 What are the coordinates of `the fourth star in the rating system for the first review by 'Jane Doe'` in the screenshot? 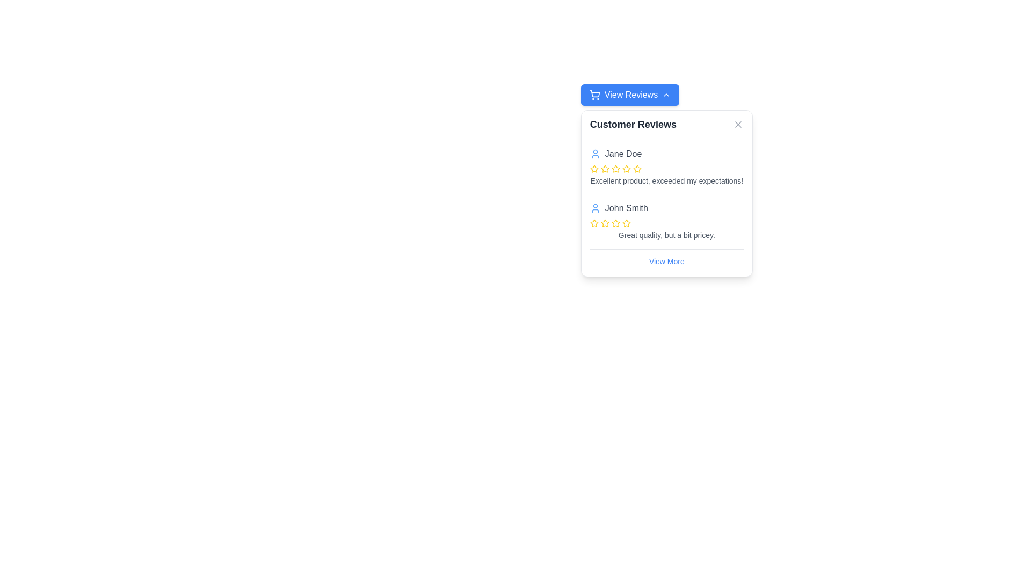 It's located at (637, 169).